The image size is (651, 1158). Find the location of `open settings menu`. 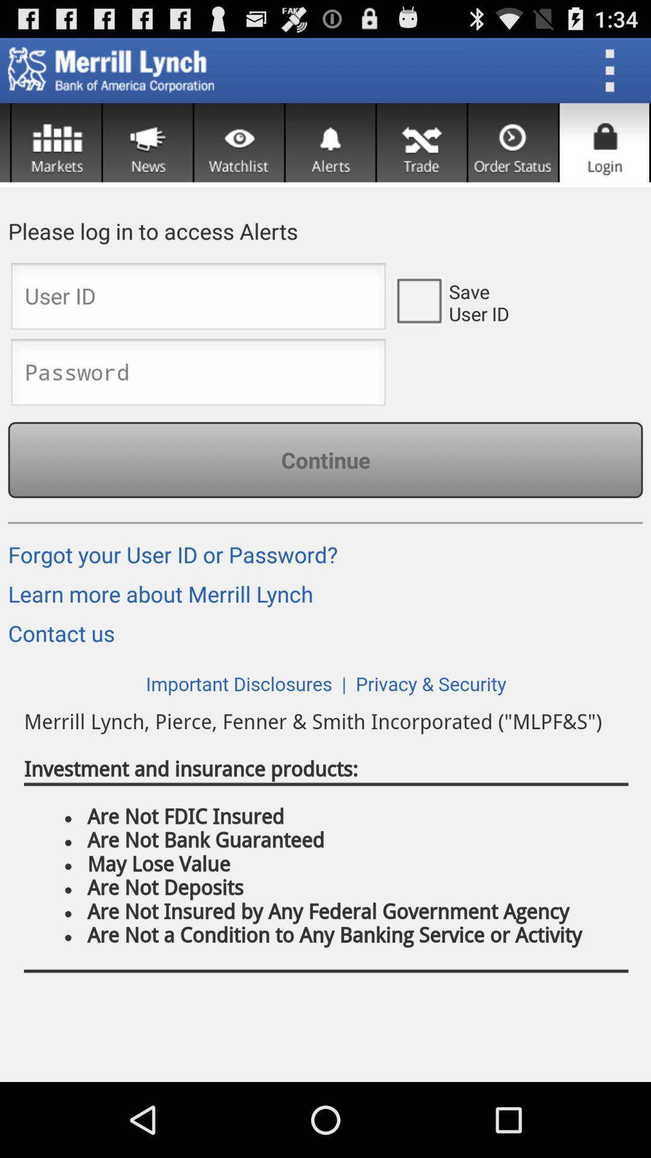

open settings menu is located at coordinates (614, 69).